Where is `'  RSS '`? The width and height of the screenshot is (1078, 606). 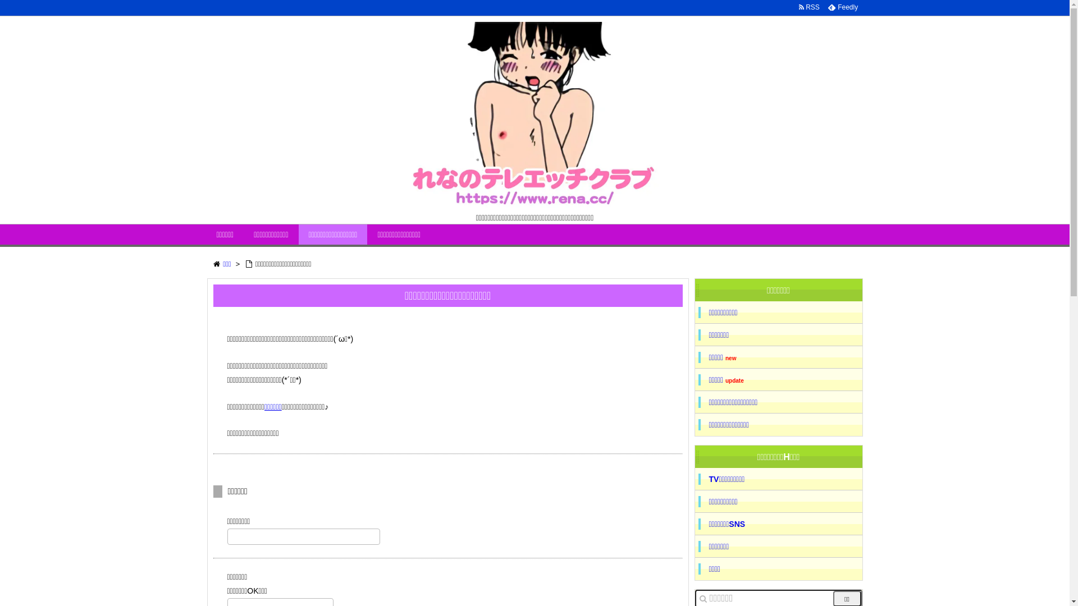
'  RSS ' is located at coordinates (808, 7).